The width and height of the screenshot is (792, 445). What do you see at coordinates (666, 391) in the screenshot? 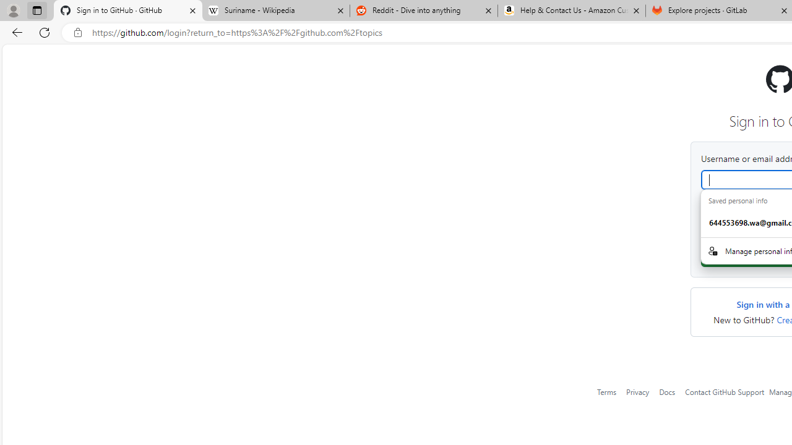
I see `'Docs'` at bounding box center [666, 391].